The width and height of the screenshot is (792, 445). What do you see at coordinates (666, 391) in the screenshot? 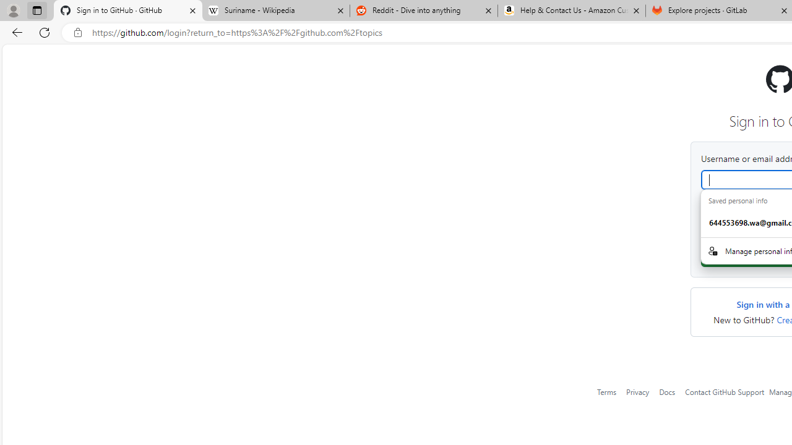
I see `'Docs'` at bounding box center [666, 391].